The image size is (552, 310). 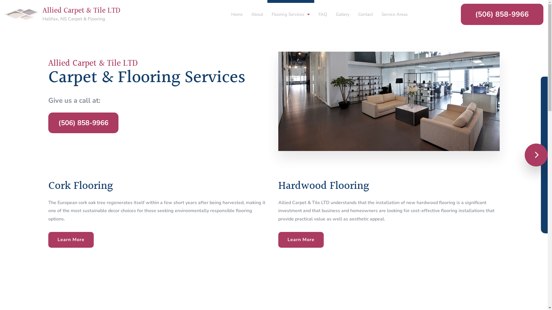 What do you see at coordinates (394, 10) in the screenshot?
I see `'Service Areas'` at bounding box center [394, 10].